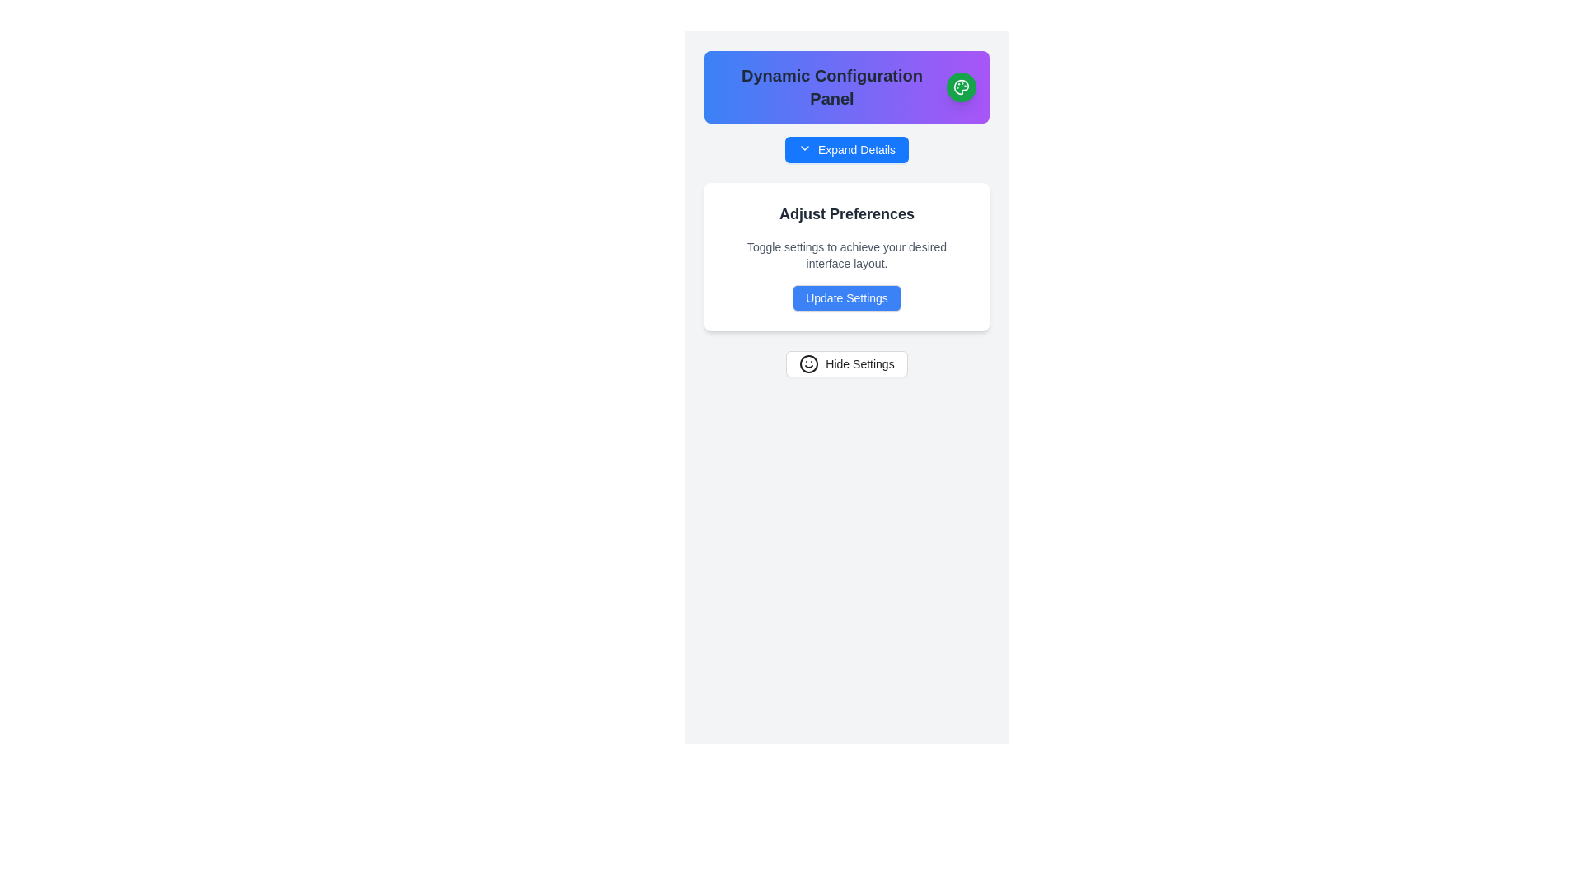 The height and width of the screenshot is (890, 1582). I want to click on the button with the artistic palette icon located at the top-right corner of the 'Dynamic Configuration Panel', so click(961, 87).